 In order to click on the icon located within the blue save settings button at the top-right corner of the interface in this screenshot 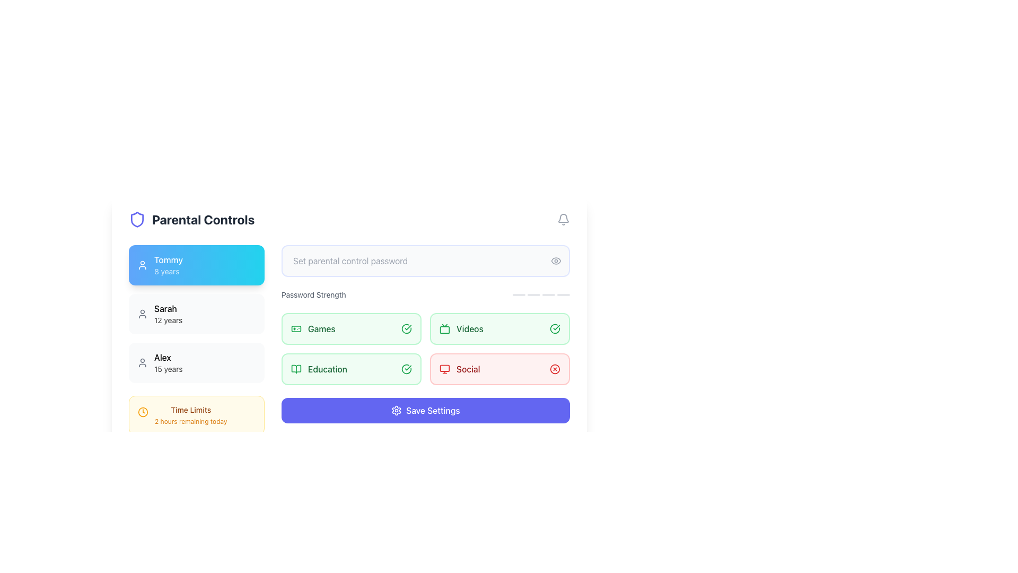, I will do `click(396, 410)`.